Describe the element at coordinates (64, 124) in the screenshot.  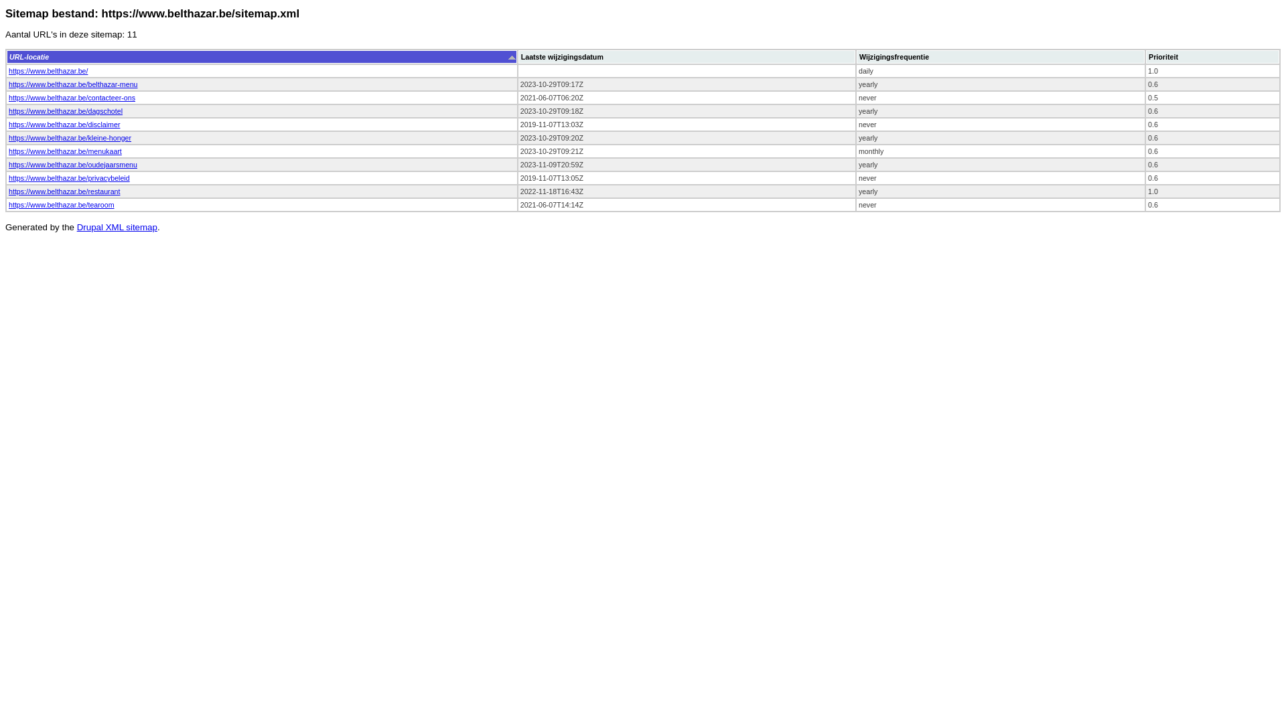
I see `'https://www.belthazar.be/disclaimer'` at that location.